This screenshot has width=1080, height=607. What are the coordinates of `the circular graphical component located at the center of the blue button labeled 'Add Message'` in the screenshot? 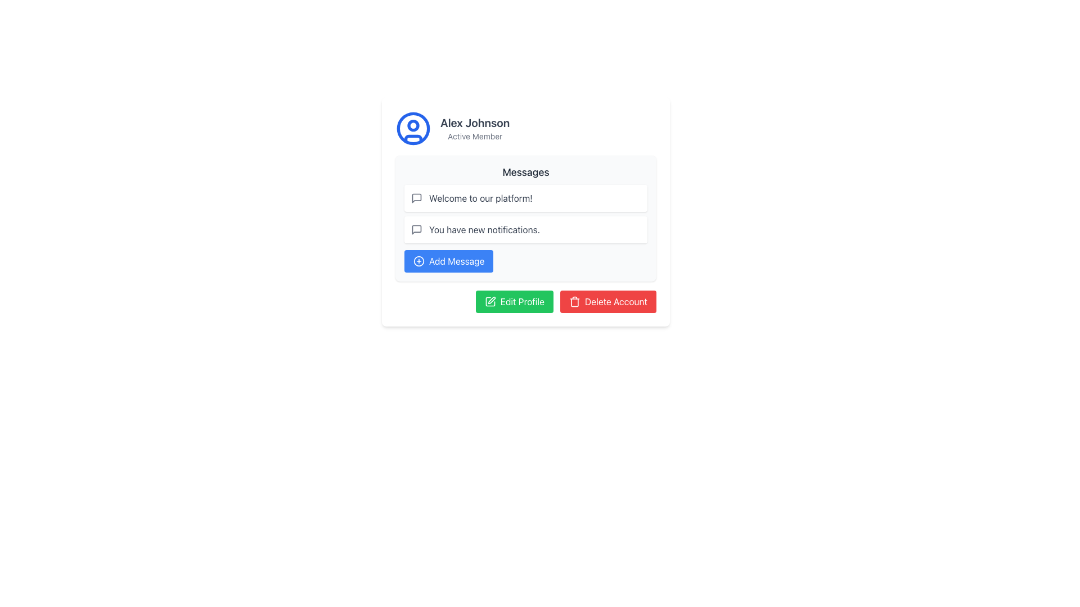 It's located at (418, 261).